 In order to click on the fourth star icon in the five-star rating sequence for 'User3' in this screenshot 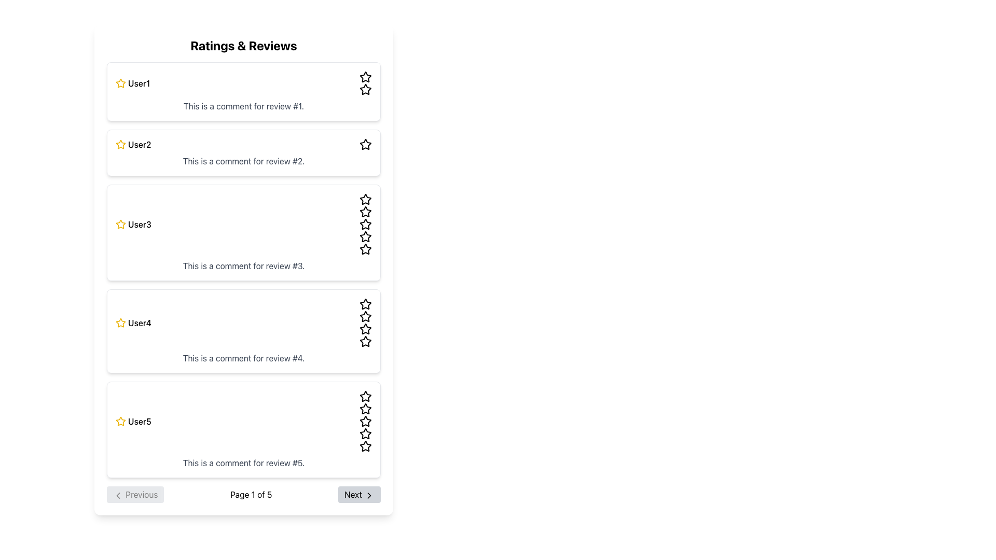, I will do `click(366, 249)`.